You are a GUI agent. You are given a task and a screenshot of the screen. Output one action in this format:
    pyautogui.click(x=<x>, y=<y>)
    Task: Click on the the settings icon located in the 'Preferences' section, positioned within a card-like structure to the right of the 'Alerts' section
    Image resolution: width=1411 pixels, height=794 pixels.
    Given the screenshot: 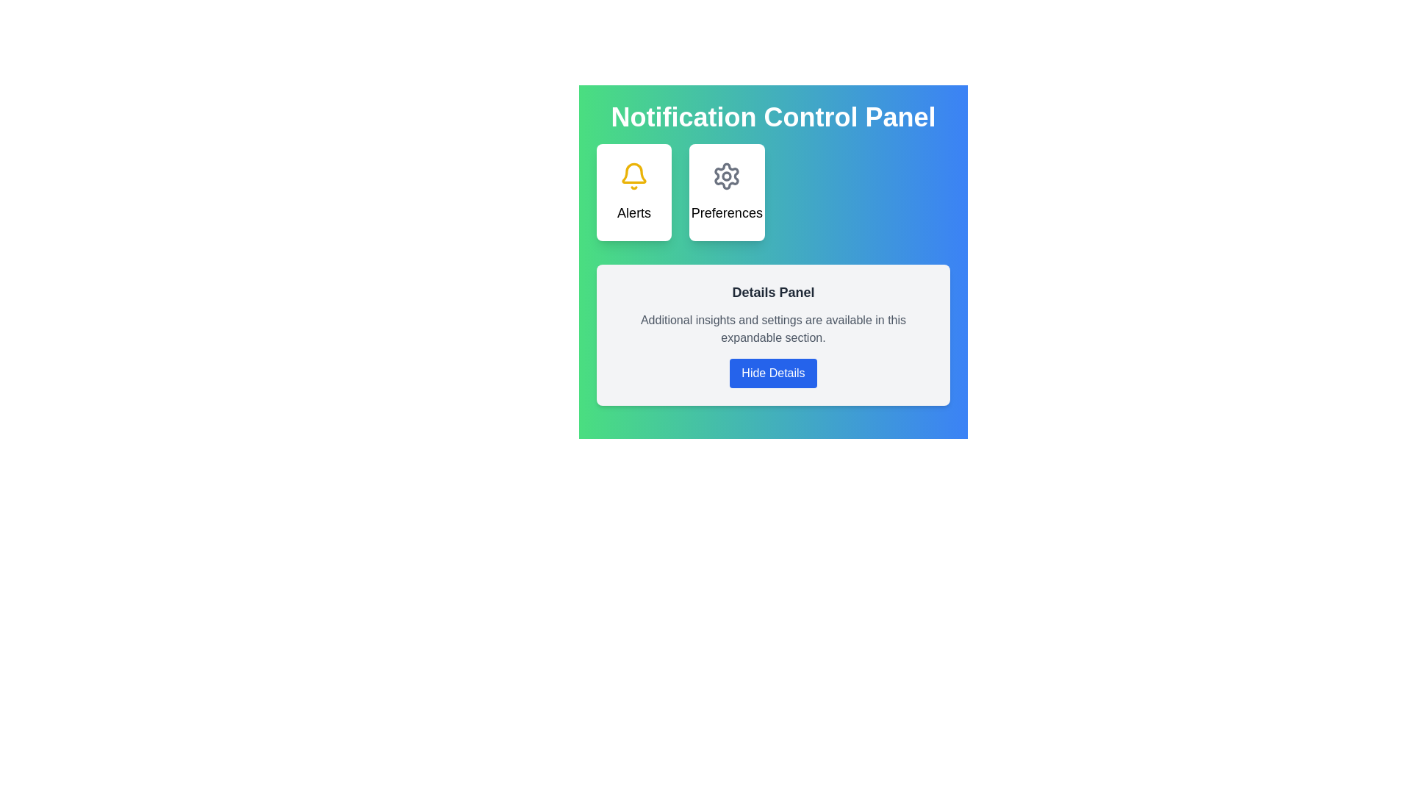 What is the action you would take?
    pyautogui.click(x=727, y=175)
    